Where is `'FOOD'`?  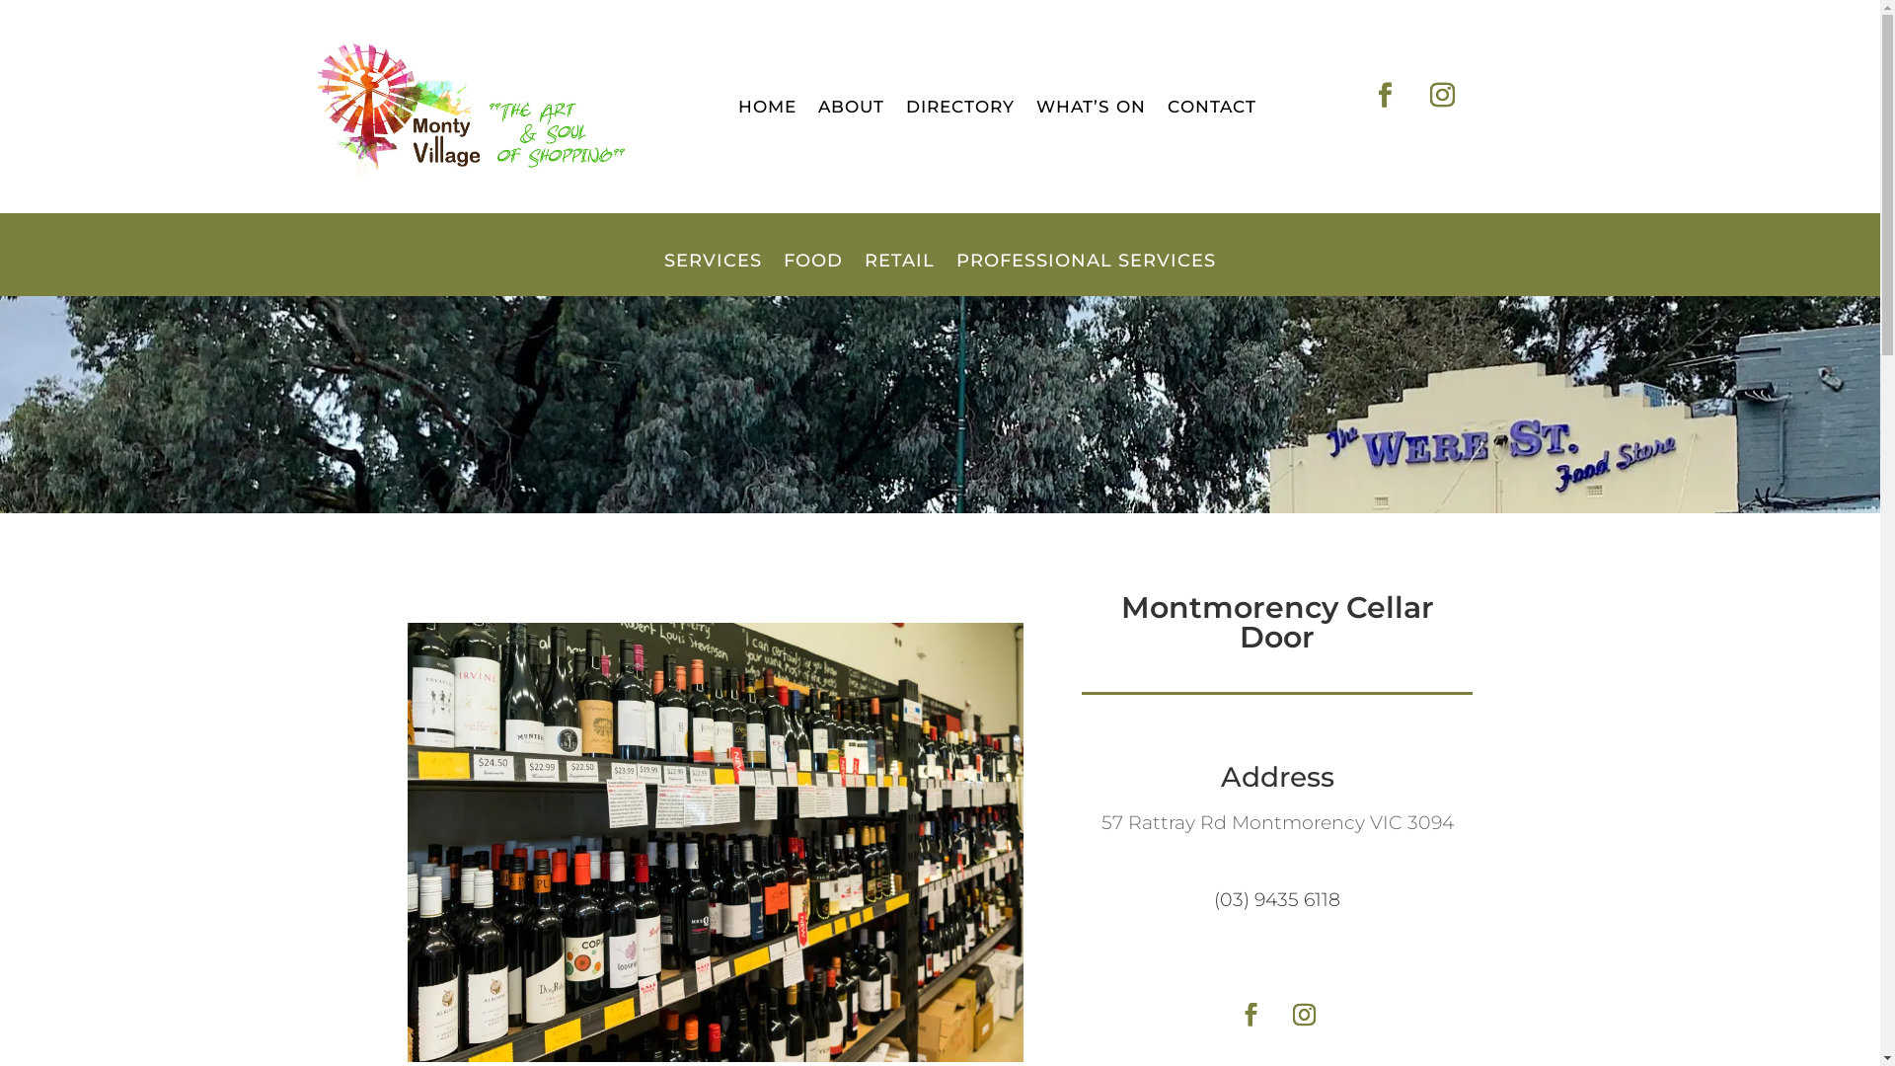
'FOOD' is located at coordinates (813, 274).